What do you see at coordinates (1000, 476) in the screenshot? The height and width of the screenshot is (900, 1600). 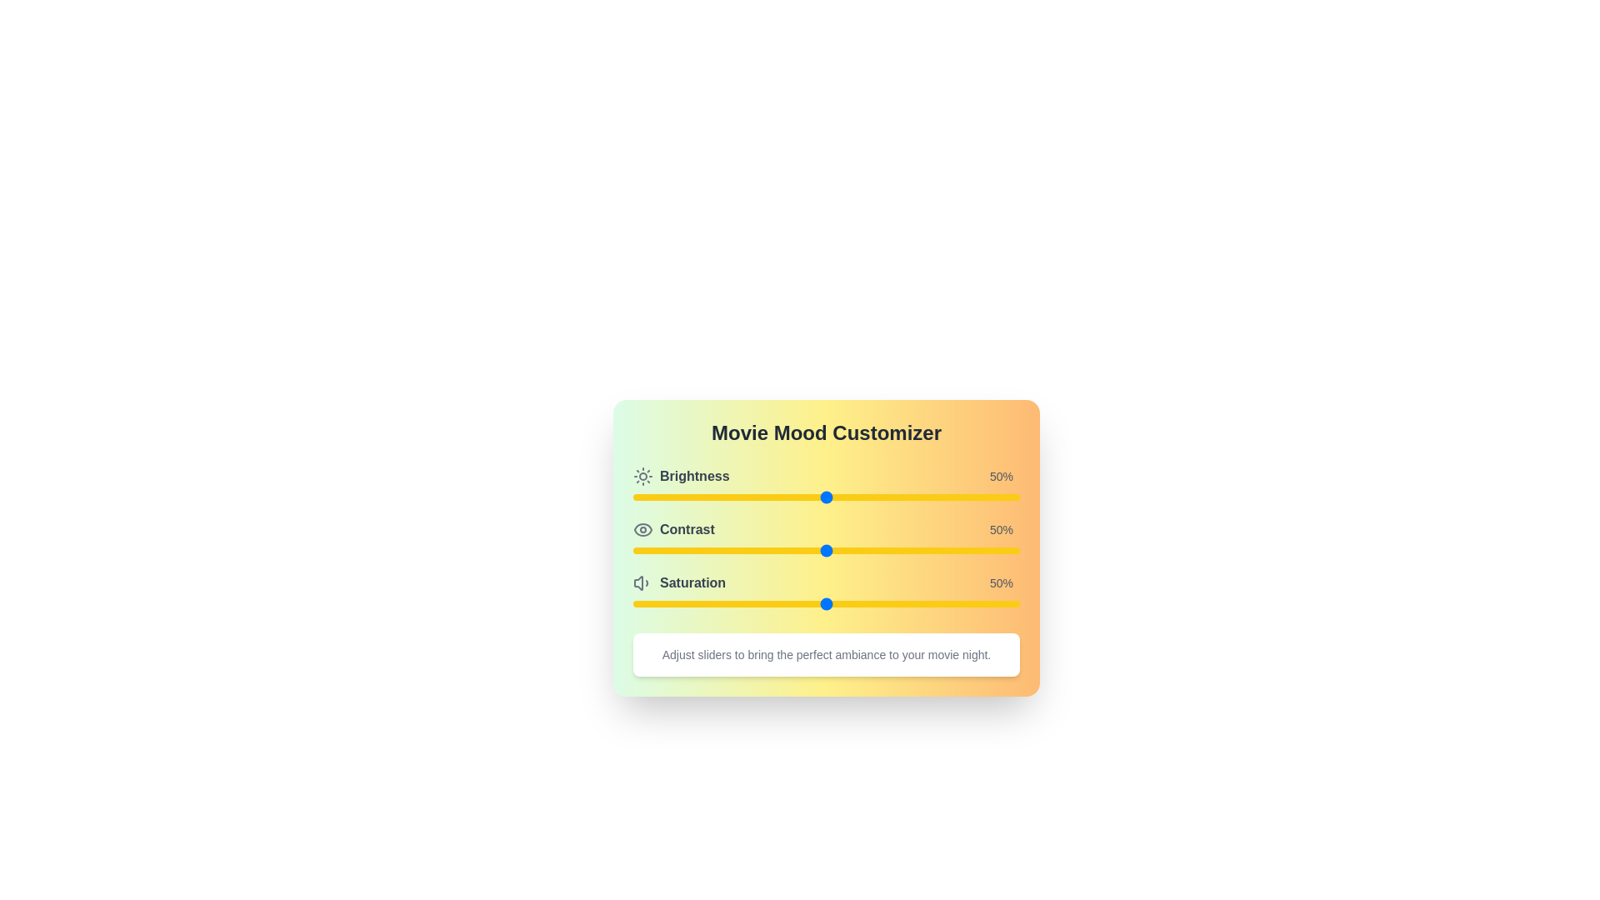 I see `value displayed in the text label showing '50%' which is styled with a smaller gray font and located to the right of the slider for brightness adjustment` at bounding box center [1000, 476].